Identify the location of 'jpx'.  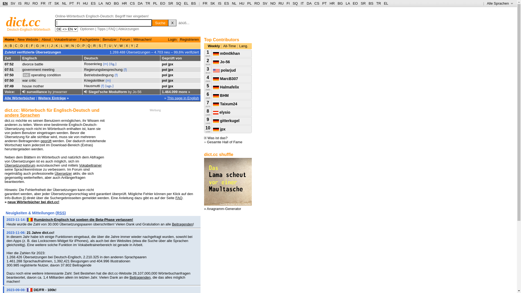
(170, 63).